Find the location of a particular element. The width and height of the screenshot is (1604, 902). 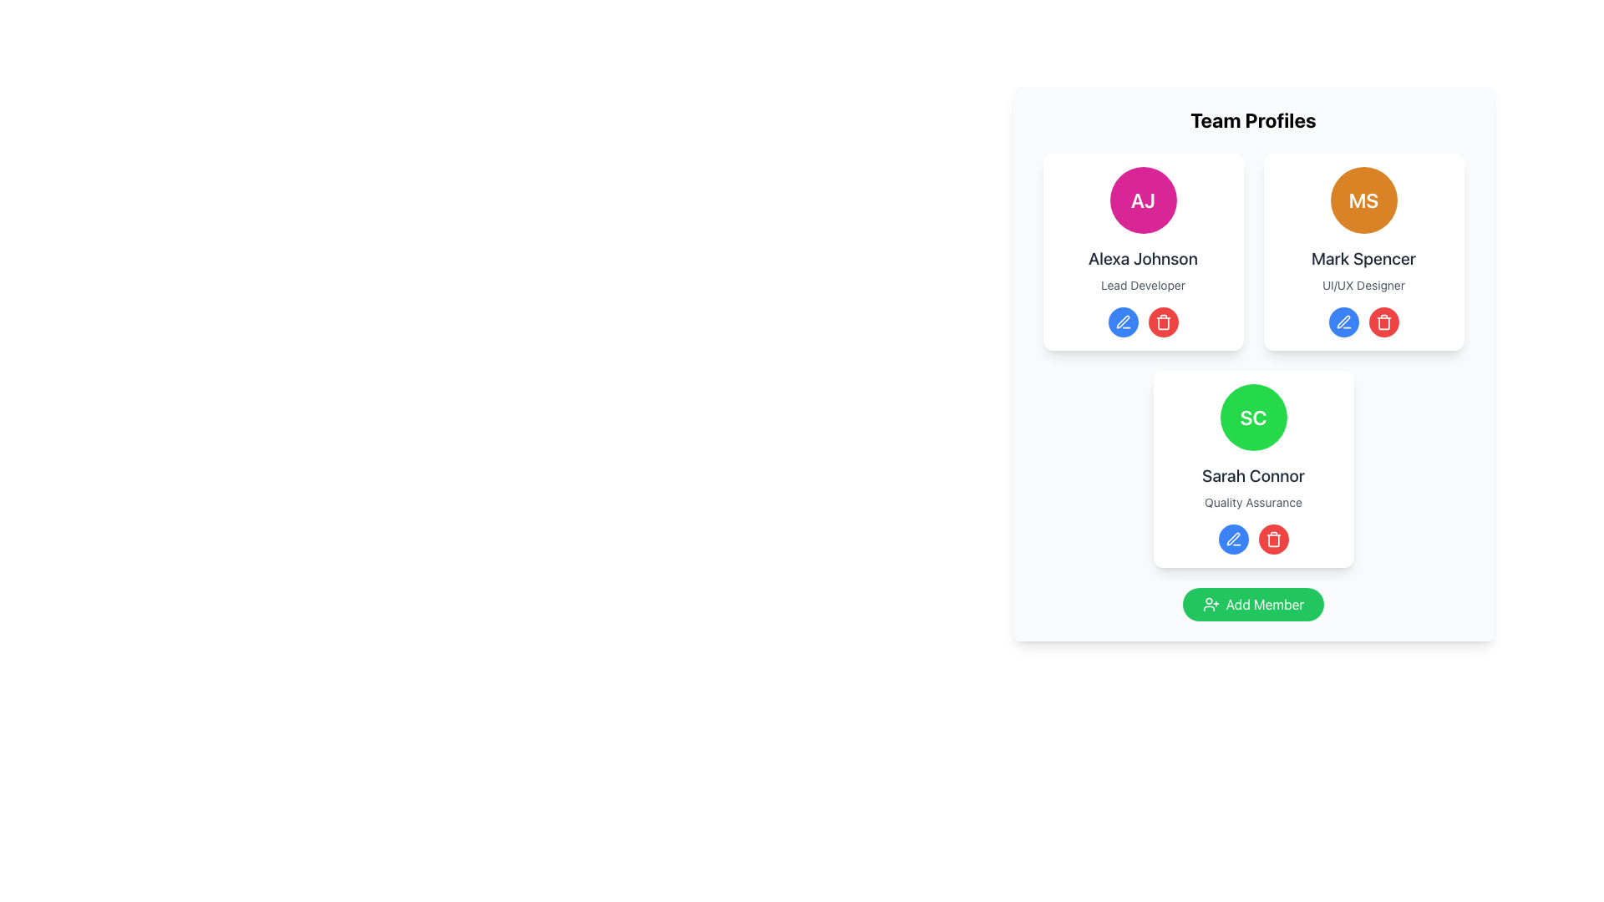

the small user-plus icon is located at coordinates (1211, 605).